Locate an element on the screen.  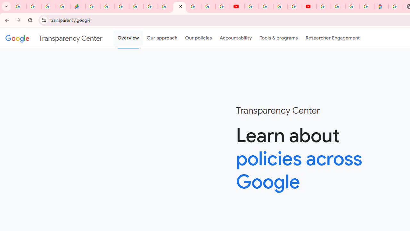
'Google Account Help' is located at coordinates (266, 6).